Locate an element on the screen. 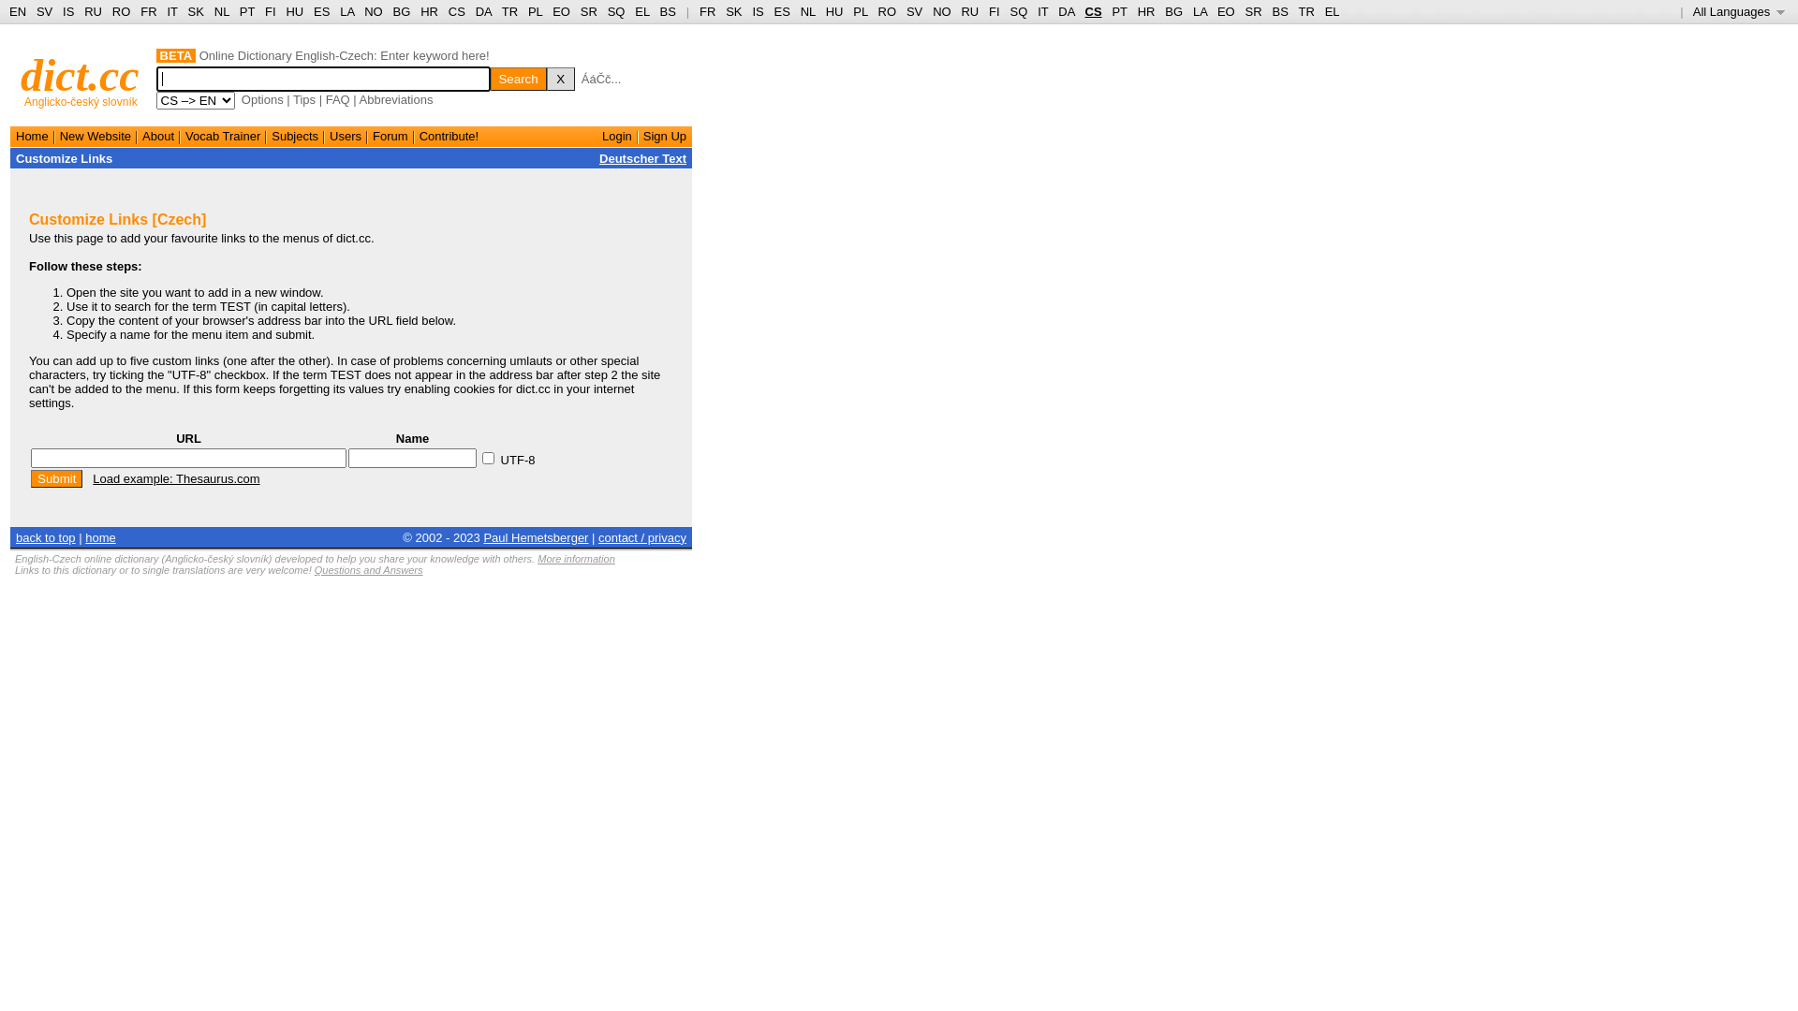 The height and width of the screenshot is (1011, 1798). 'NO' is located at coordinates (933, 11).